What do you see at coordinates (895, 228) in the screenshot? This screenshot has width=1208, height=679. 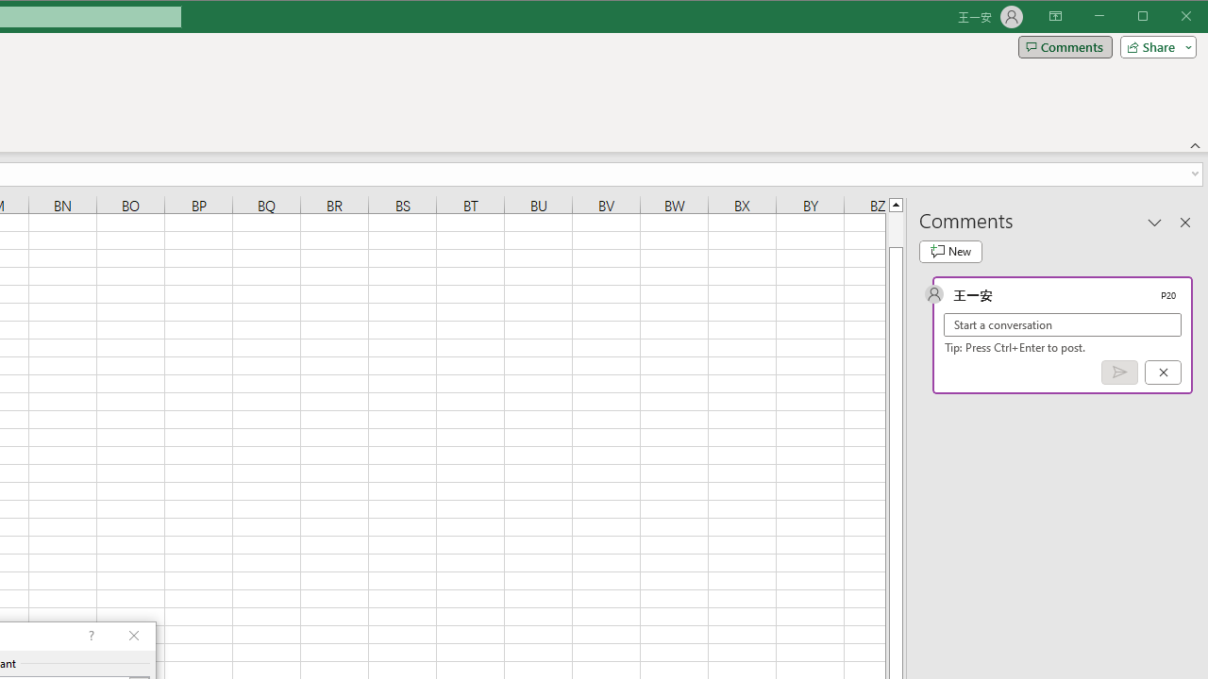 I see `'Page up'` at bounding box center [895, 228].